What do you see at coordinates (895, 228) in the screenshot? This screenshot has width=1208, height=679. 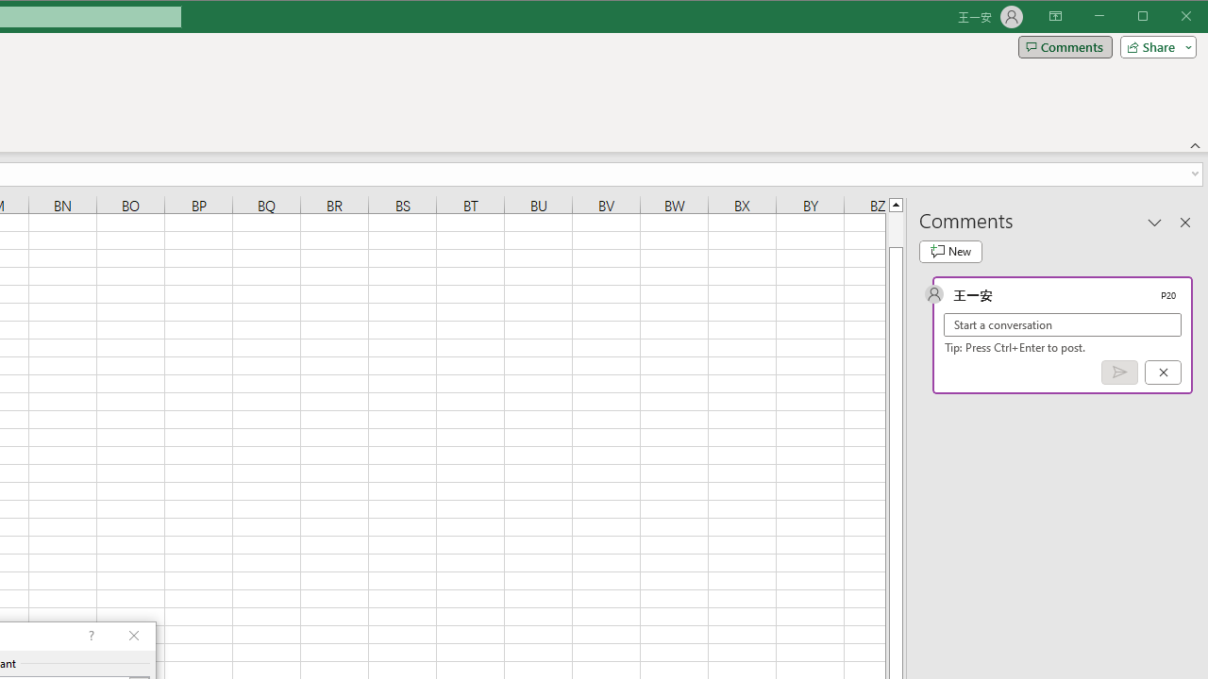 I see `'Page up'` at bounding box center [895, 228].